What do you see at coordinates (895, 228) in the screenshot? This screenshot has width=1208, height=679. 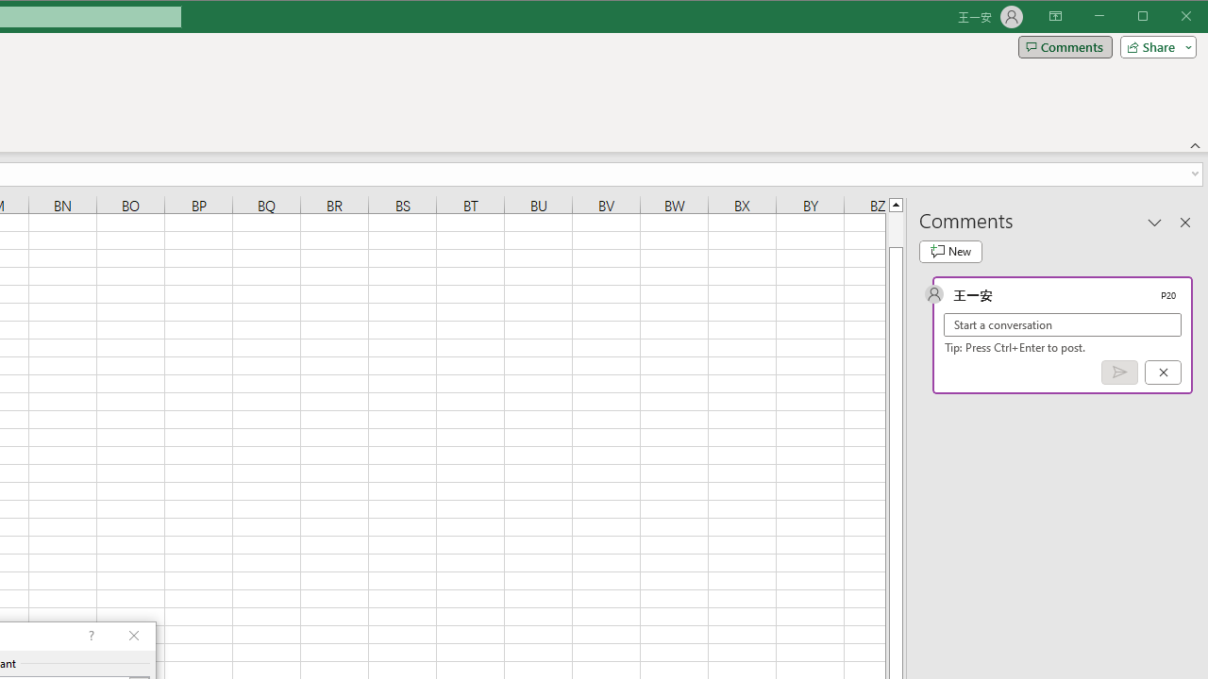 I see `'Page up'` at bounding box center [895, 228].